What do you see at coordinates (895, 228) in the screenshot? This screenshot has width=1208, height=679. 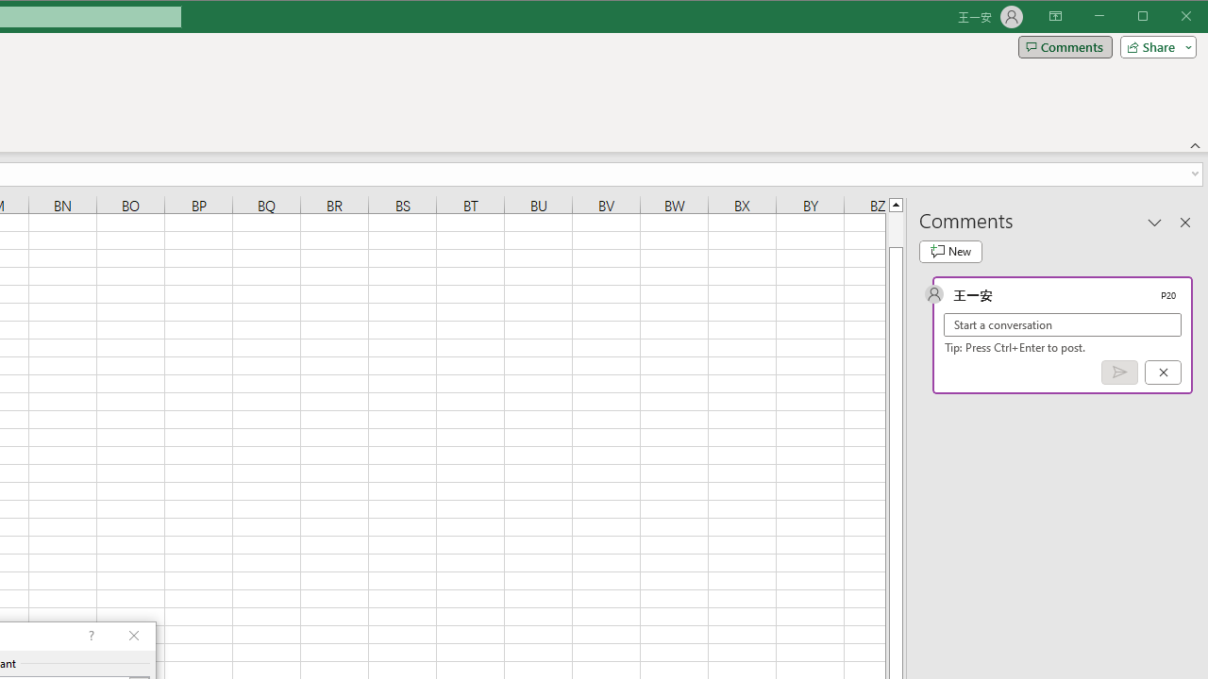 I see `'Page up'` at bounding box center [895, 228].